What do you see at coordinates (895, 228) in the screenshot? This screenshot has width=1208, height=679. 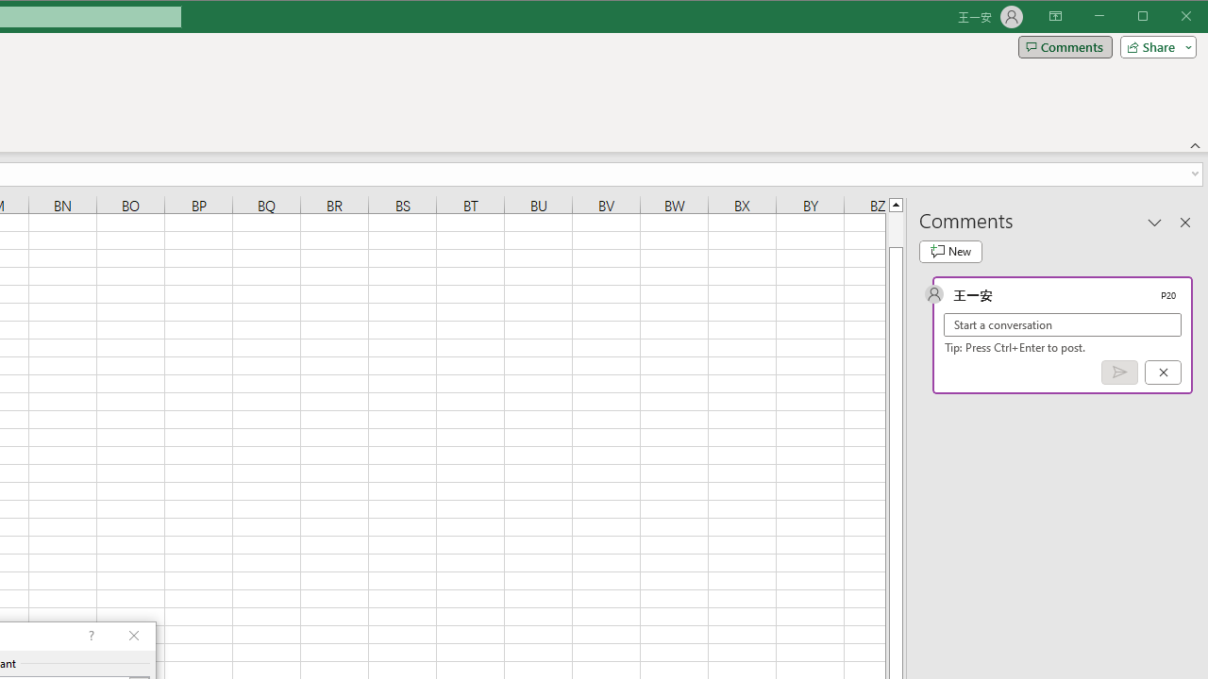 I see `'Page up'` at bounding box center [895, 228].